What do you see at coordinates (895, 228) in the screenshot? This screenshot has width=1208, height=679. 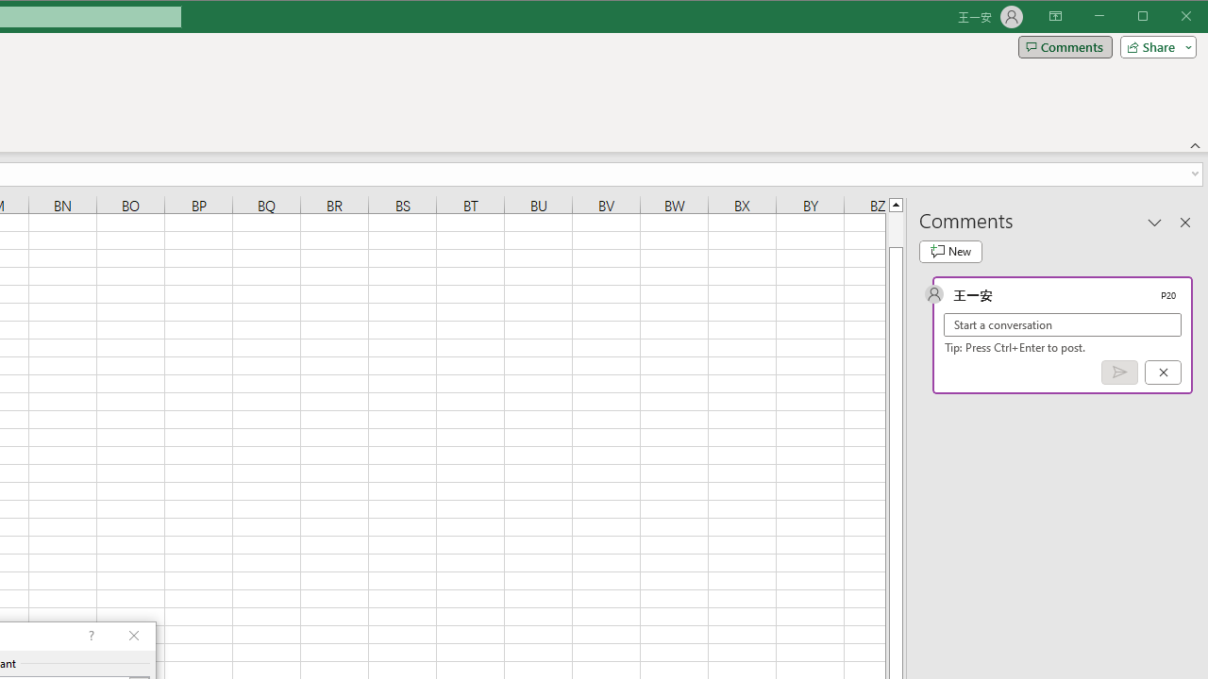 I see `'Page up'` at bounding box center [895, 228].